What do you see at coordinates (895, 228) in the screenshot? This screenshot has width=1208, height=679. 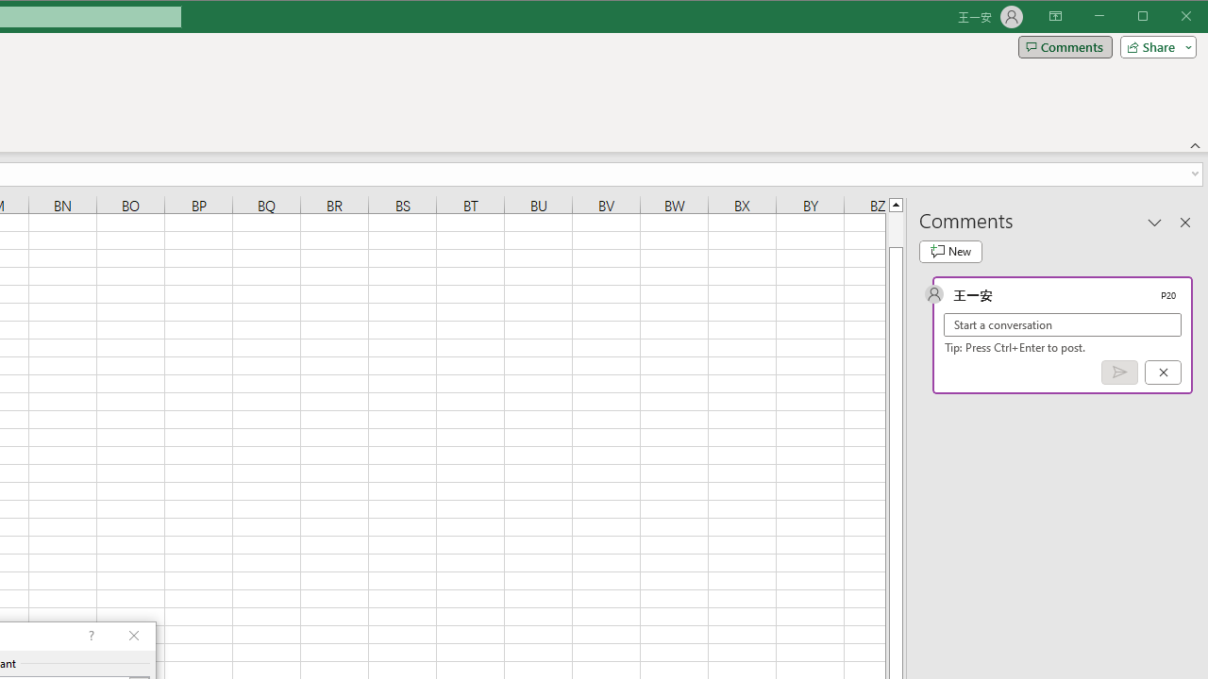 I see `'Page up'` at bounding box center [895, 228].